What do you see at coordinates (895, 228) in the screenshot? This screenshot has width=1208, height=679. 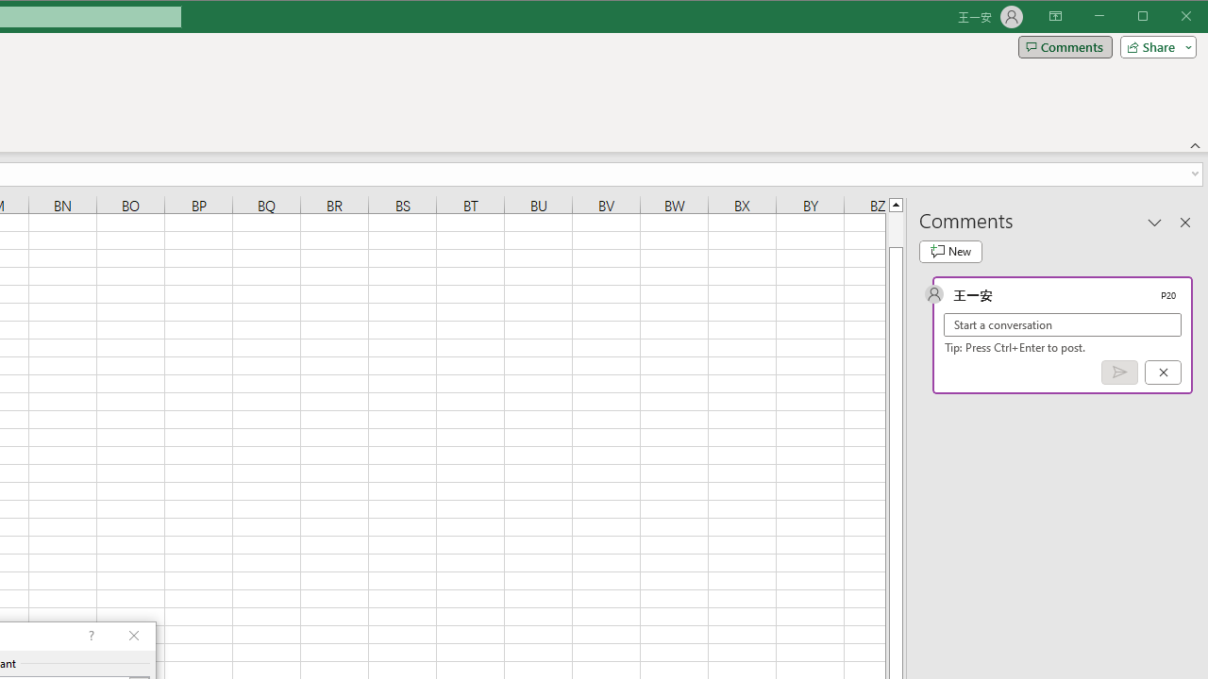 I see `'Page up'` at bounding box center [895, 228].